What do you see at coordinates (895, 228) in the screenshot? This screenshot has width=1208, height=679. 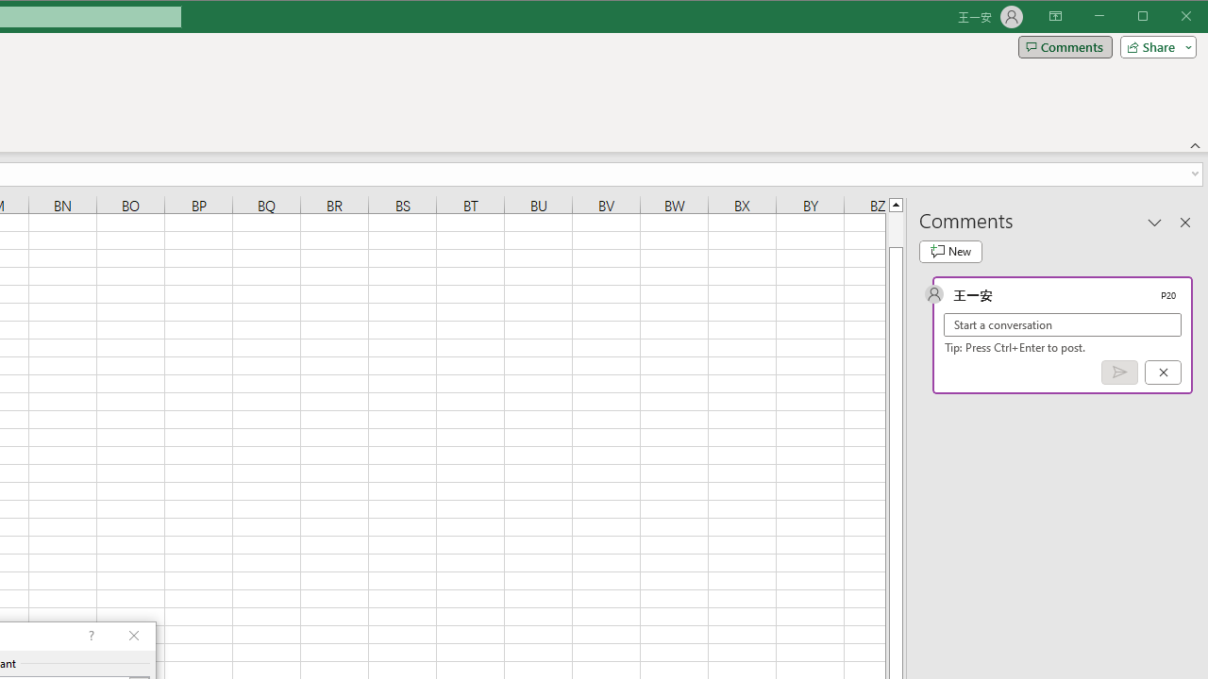 I see `'Page up'` at bounding box center [895, 228].